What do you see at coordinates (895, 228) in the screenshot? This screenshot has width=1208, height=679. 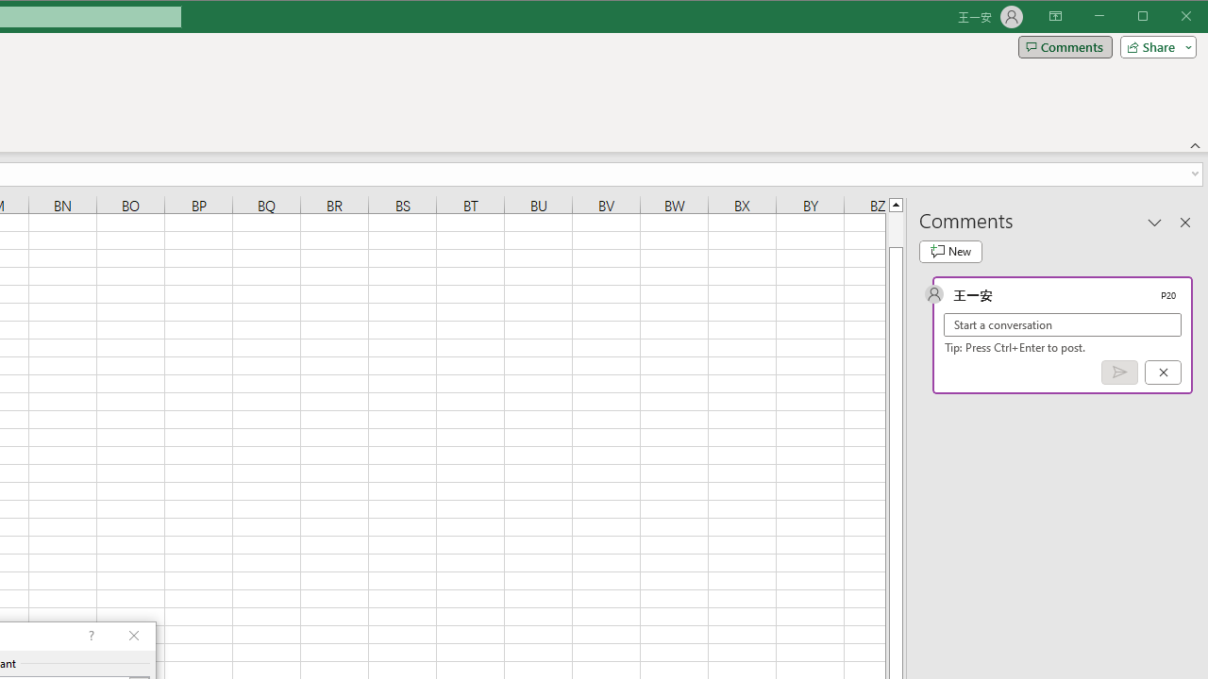 I see `'Page up'` at bounding box center [895, 228].